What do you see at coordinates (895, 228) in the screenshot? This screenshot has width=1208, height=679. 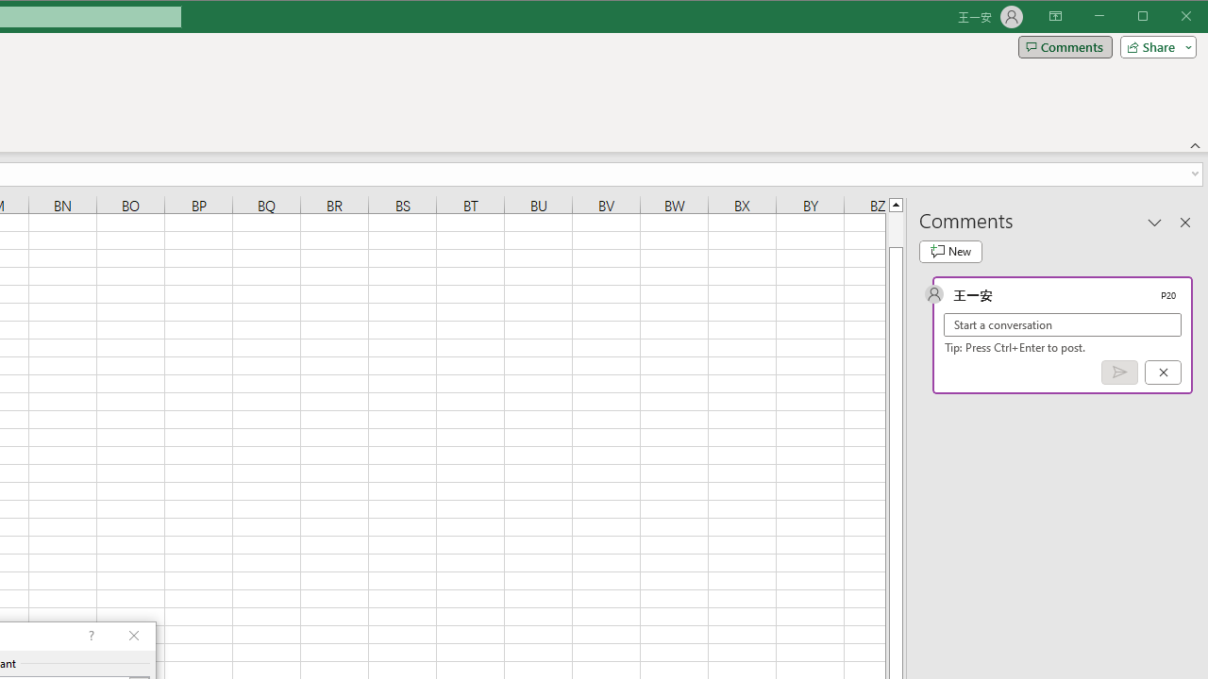 I see `'Page up'` at bounding box center [895, 228].